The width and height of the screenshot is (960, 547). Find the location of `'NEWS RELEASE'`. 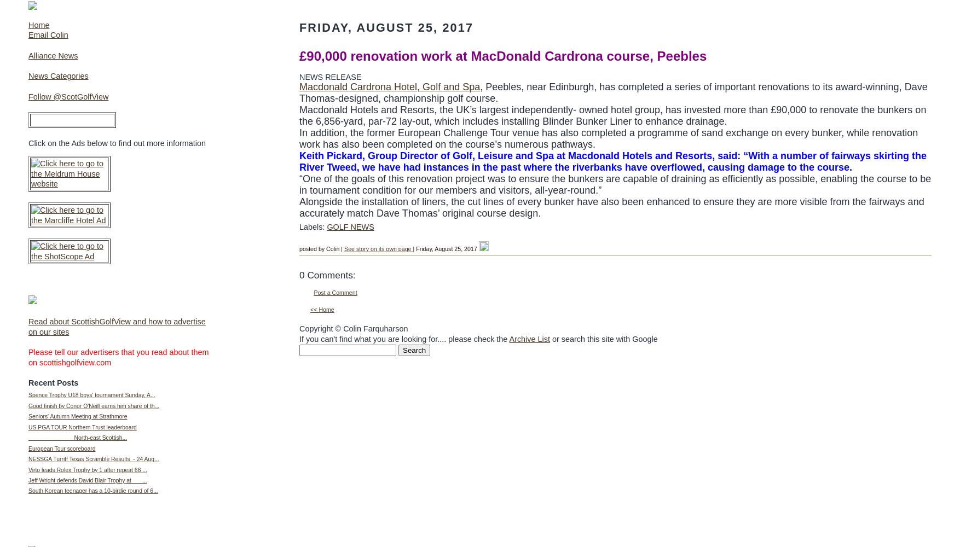

'NEWS RELEASE' is located at coordinates (330, 77).